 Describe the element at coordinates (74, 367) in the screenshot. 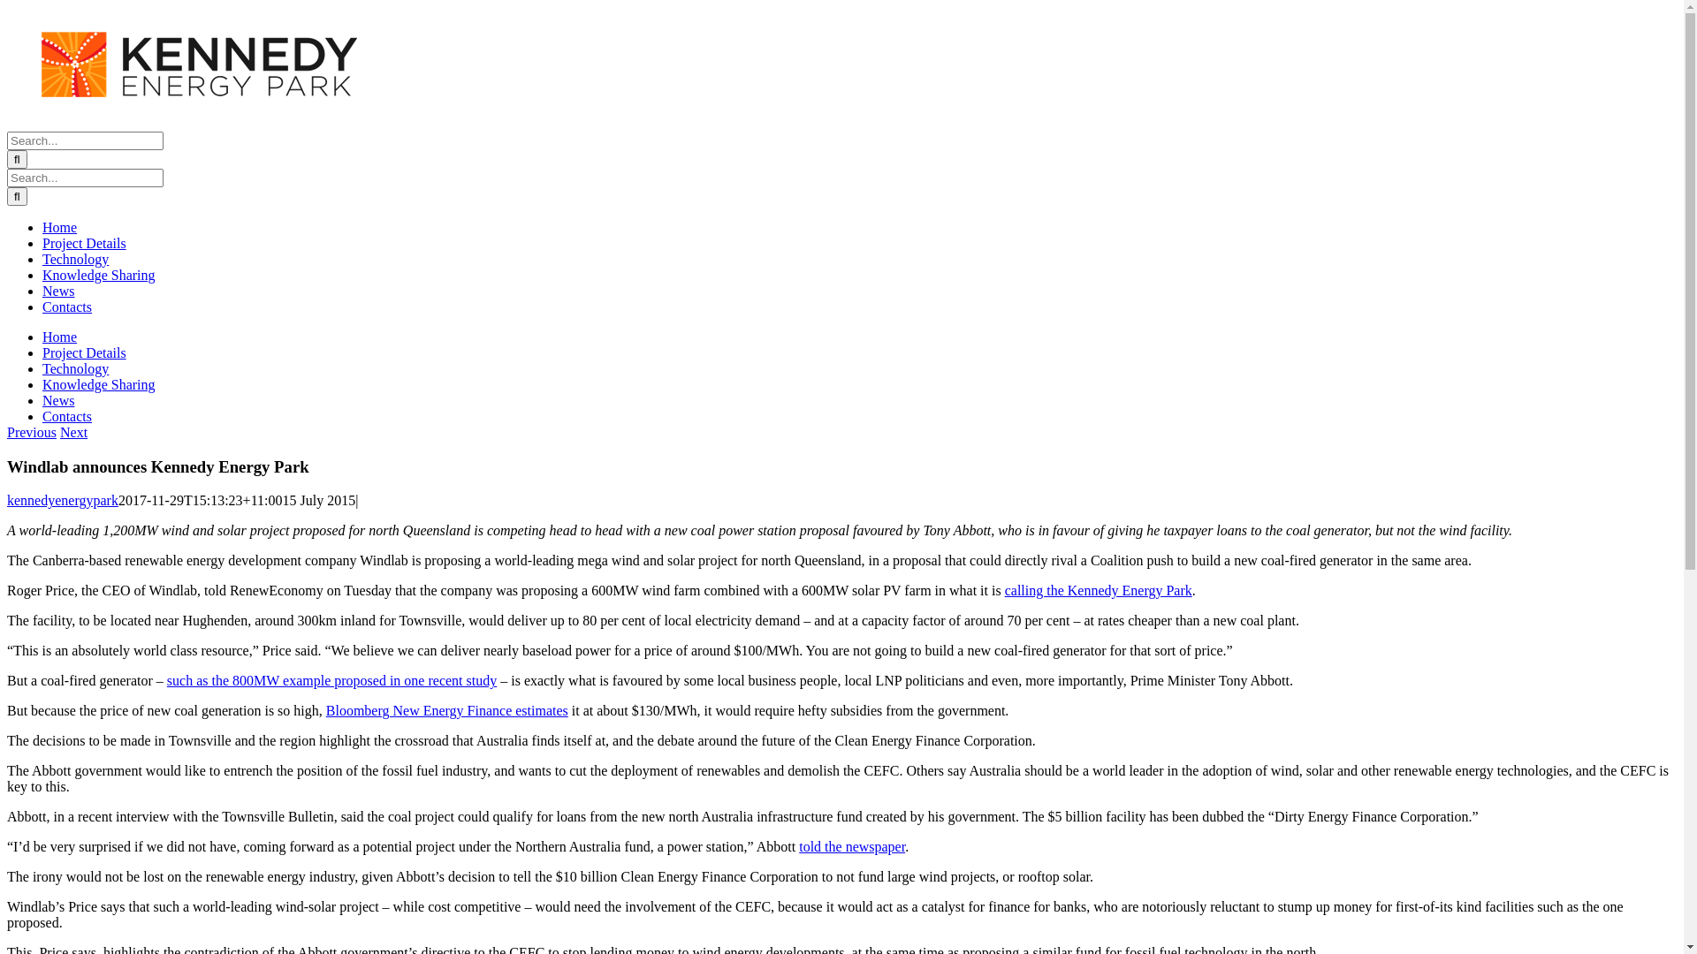

I see `'Technology'` at that location.